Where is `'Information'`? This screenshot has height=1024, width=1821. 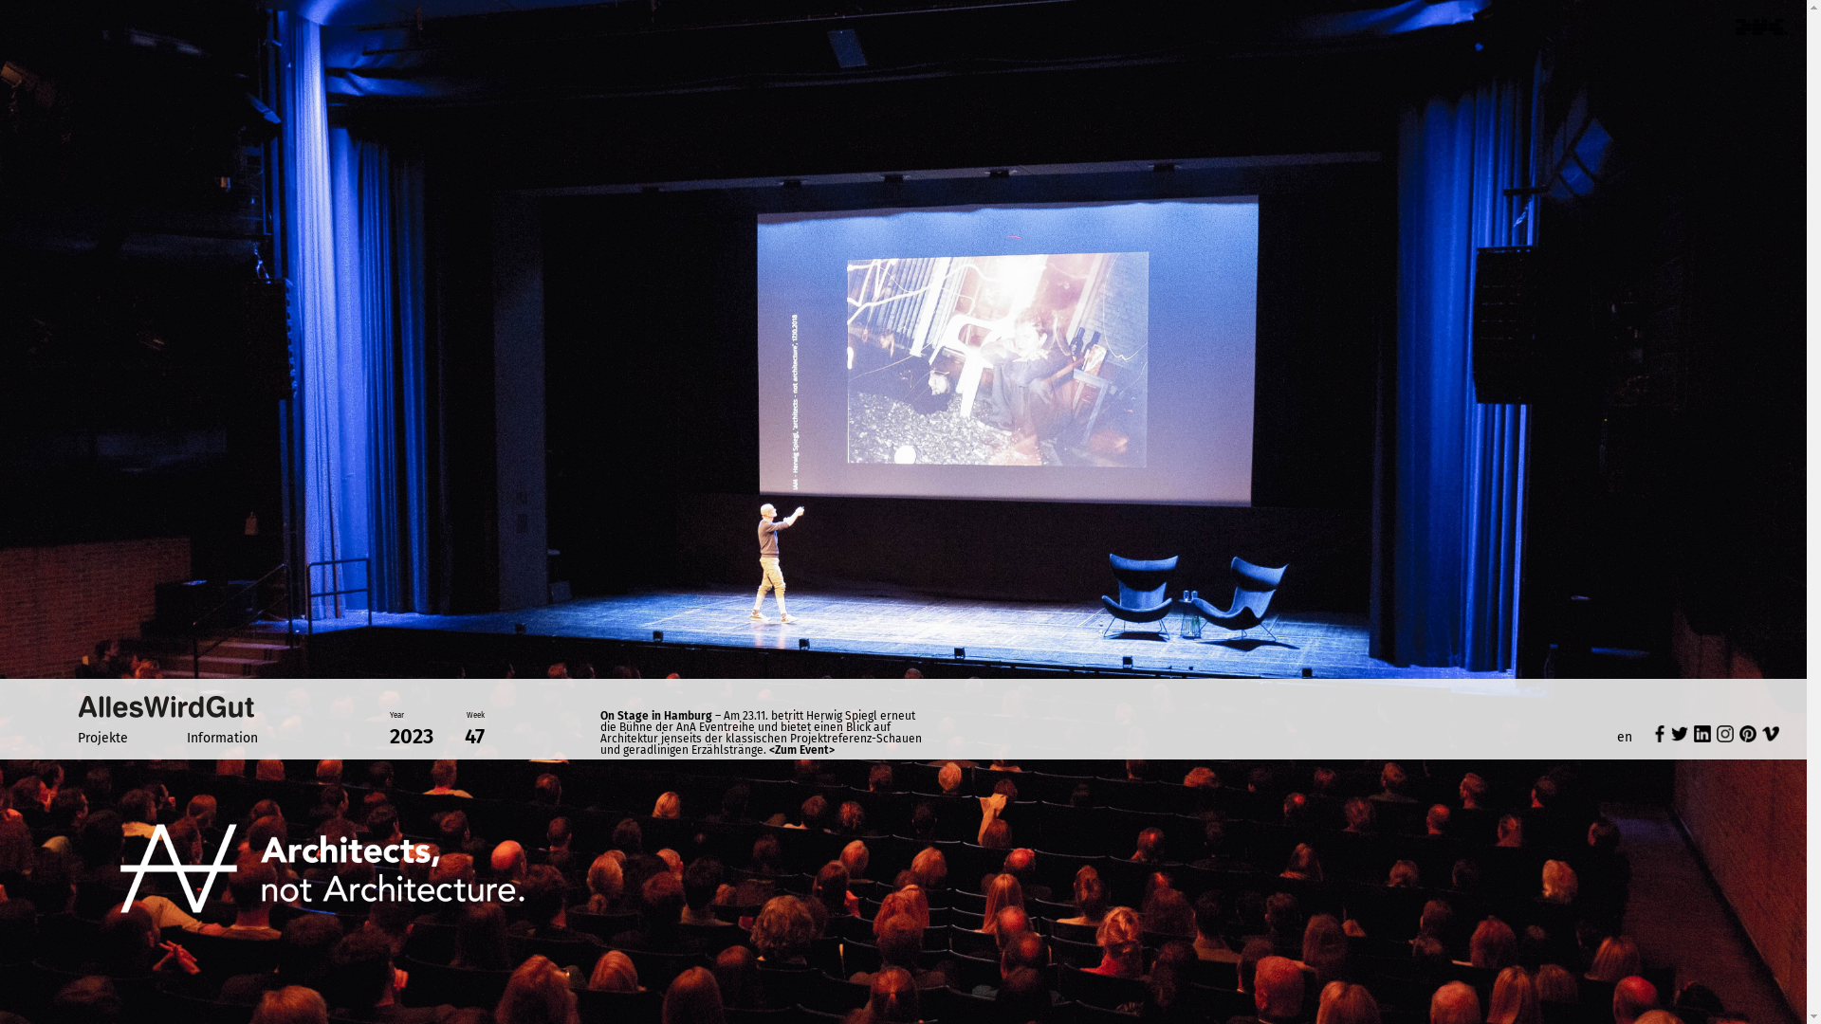 'Information' is located at coordinates (186, 737).